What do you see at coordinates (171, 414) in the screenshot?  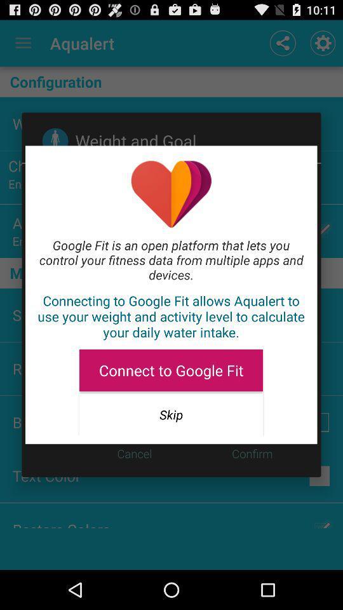 I see `icon below the connect to google` at bounding box center [171, 414].